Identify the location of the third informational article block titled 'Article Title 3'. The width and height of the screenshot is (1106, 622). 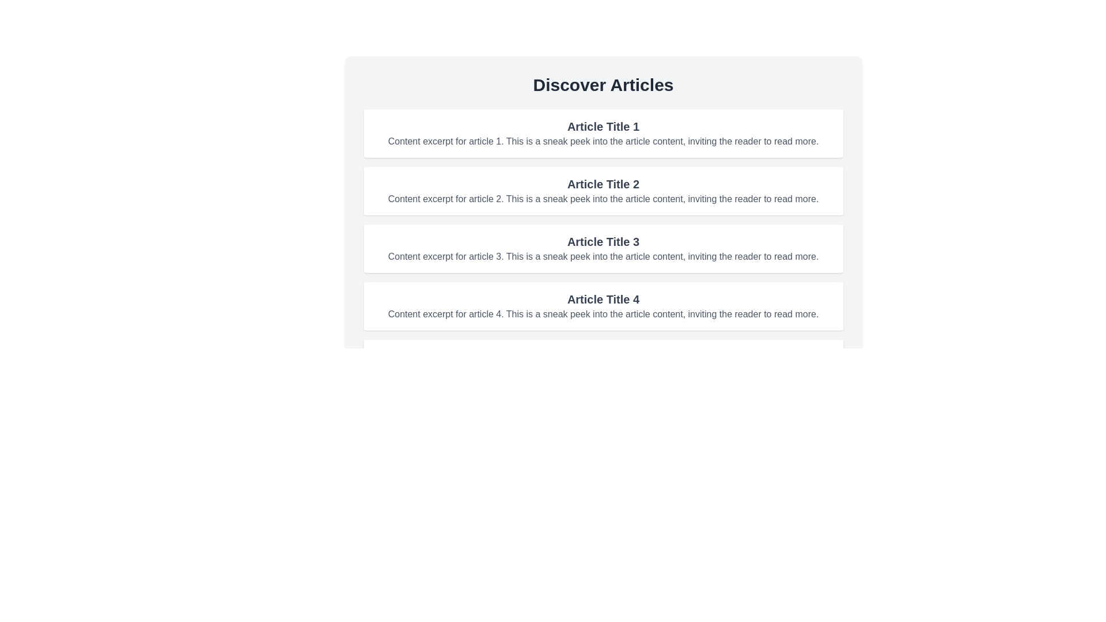
(603, 248).